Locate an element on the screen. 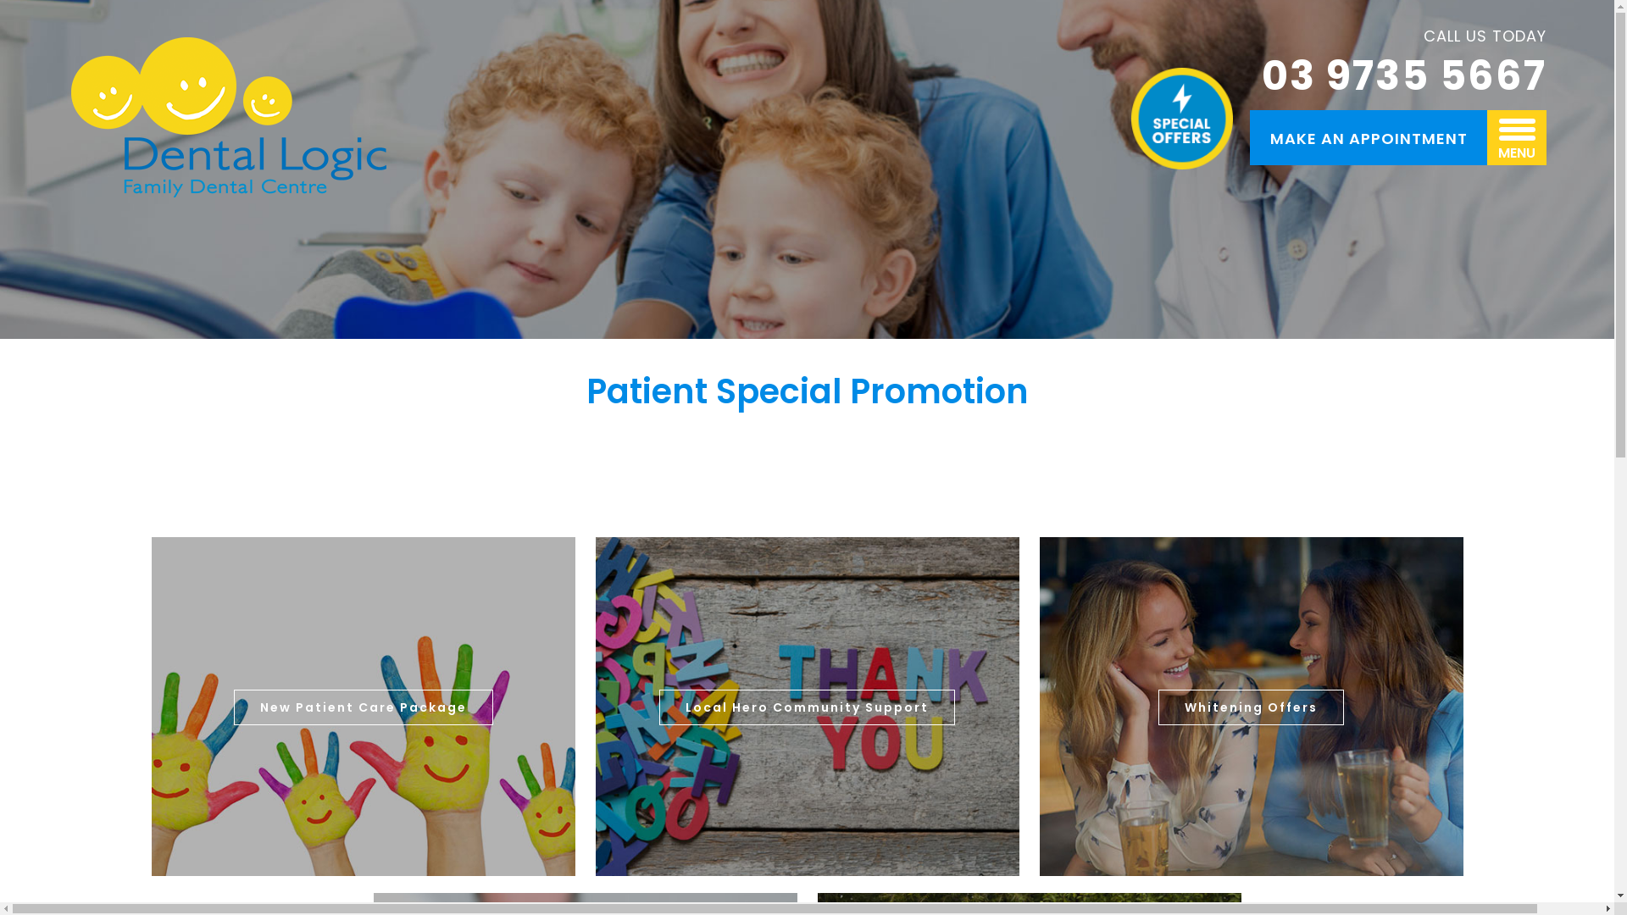 The image size is (1627, 915). 'Whitening Offers' is located at coordinates (1251, 707).